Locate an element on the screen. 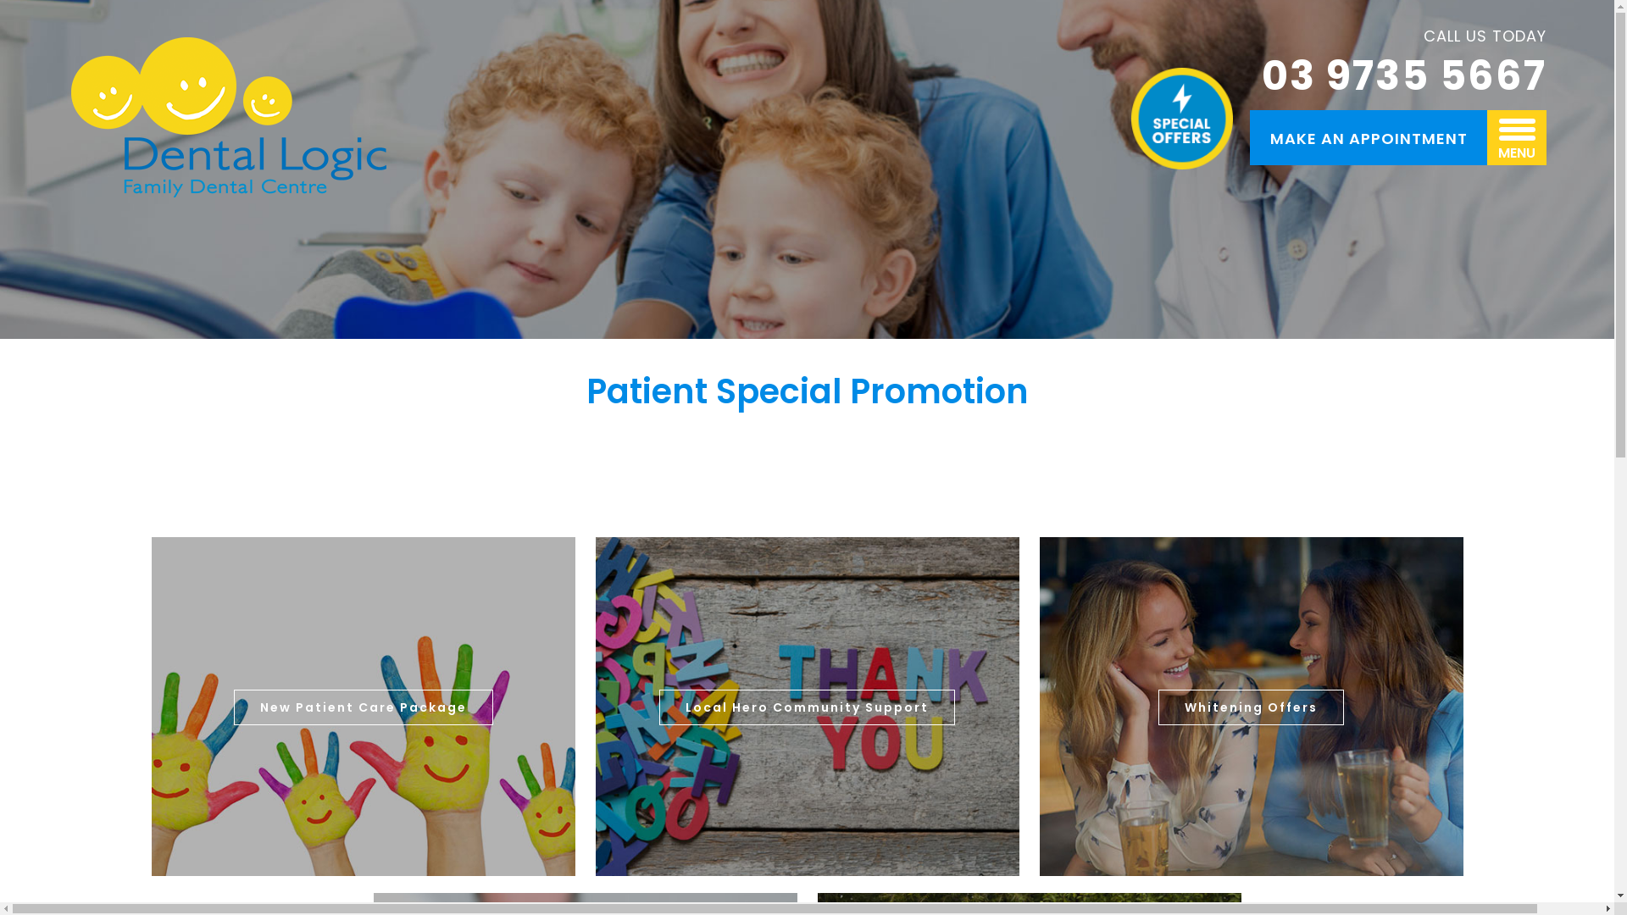 The image size is (1627, 915). 'Whitening Offers' is located at coordinates (1251, 707).